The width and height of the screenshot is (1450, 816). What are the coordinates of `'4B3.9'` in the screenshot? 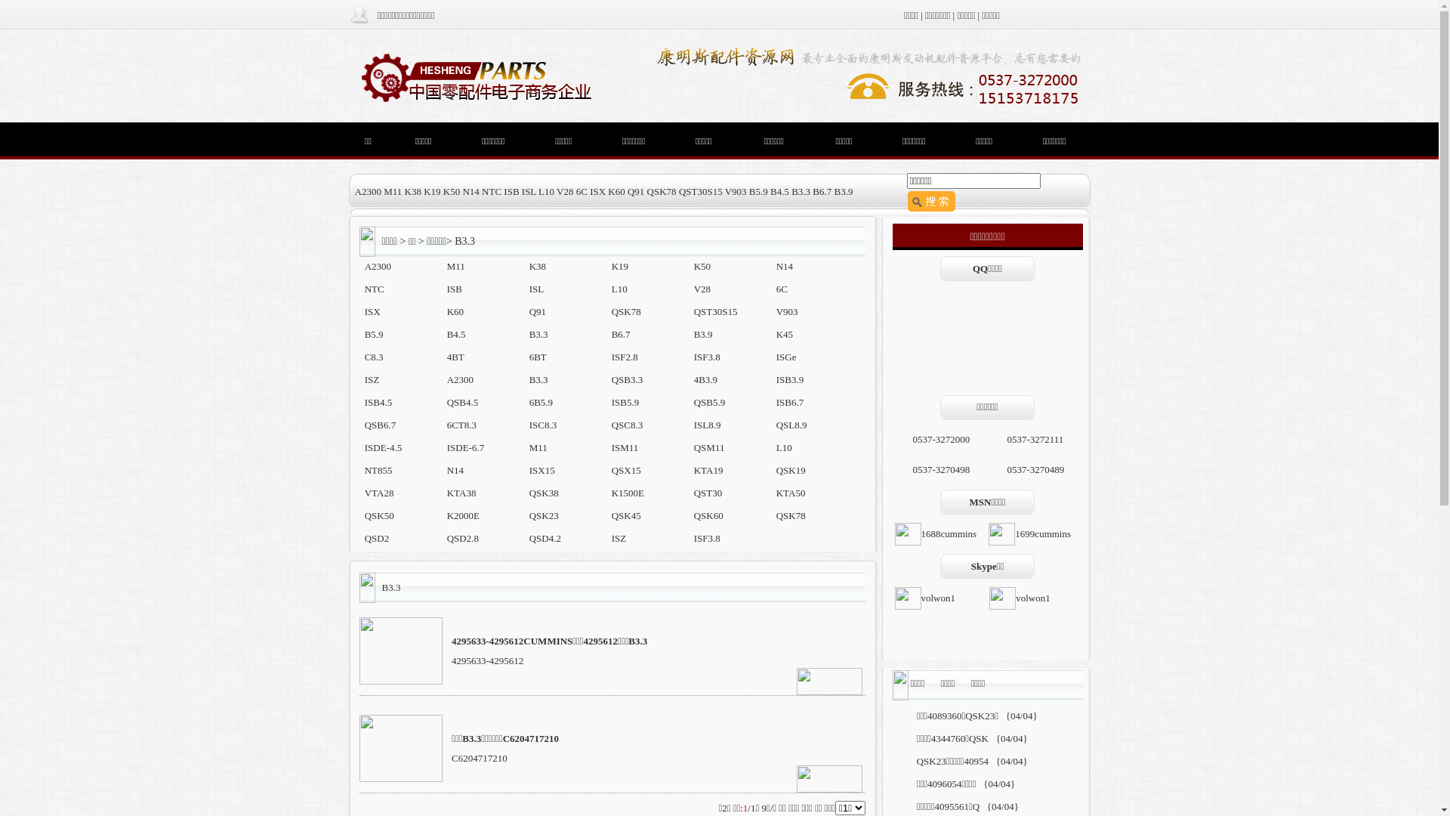 It's located at (693, 379).